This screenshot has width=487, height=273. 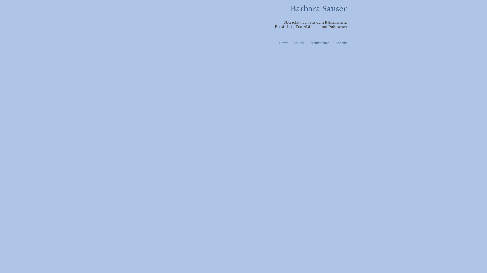 What do you see at coordinates (318, 9) in the screenshot?
I see `'Barbara Sauser'` at bounding box center [318, 9].